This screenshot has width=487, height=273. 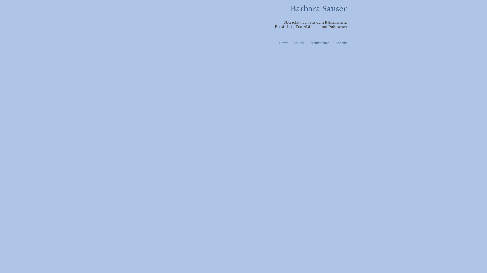 What do you see at coordinates (318, 9) in the screenshot?
I see `'Barbara Sauser'` at bounding box center [318, 9].